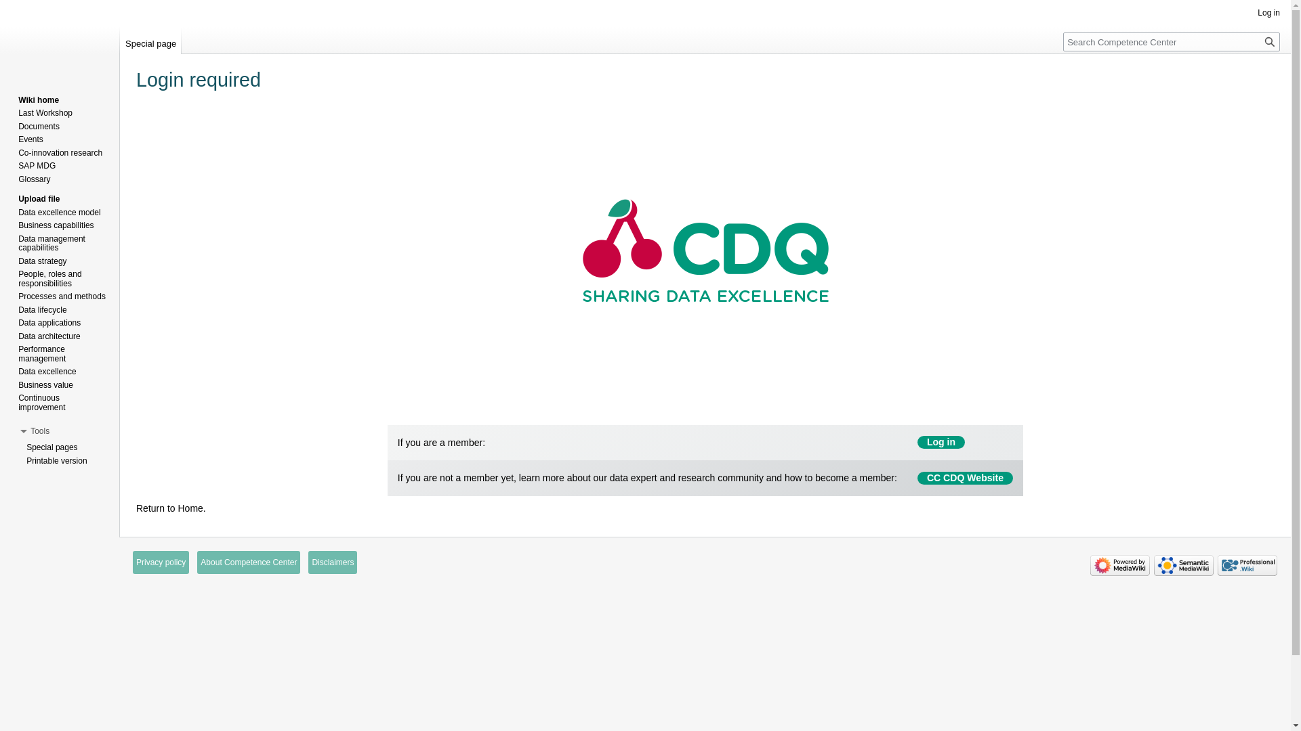 The image size is (1301, 731). Describe the element at coordinates (61, 296) in the screenshot. I see `'Processes and methods'` at that location.